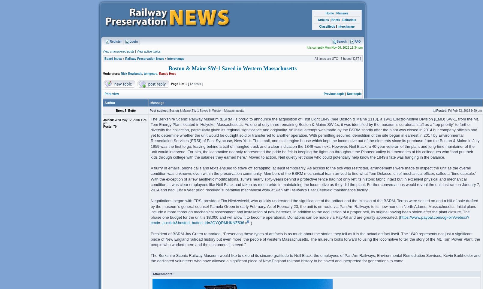 The width and height of the screenshot is (483, 289). What do you see at coordinates (124, 121) in the screenshot?
I see `'Wed May 12, 2010 1:24 pm'` at bounding box center [124, 121].